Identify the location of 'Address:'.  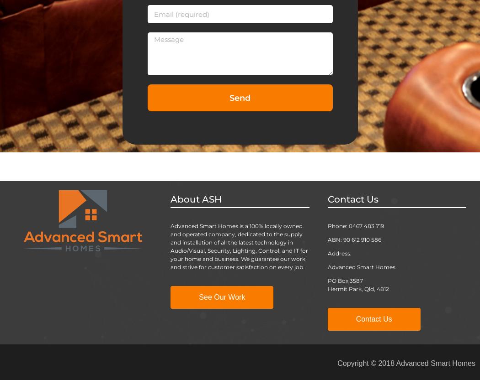
(339, 253).